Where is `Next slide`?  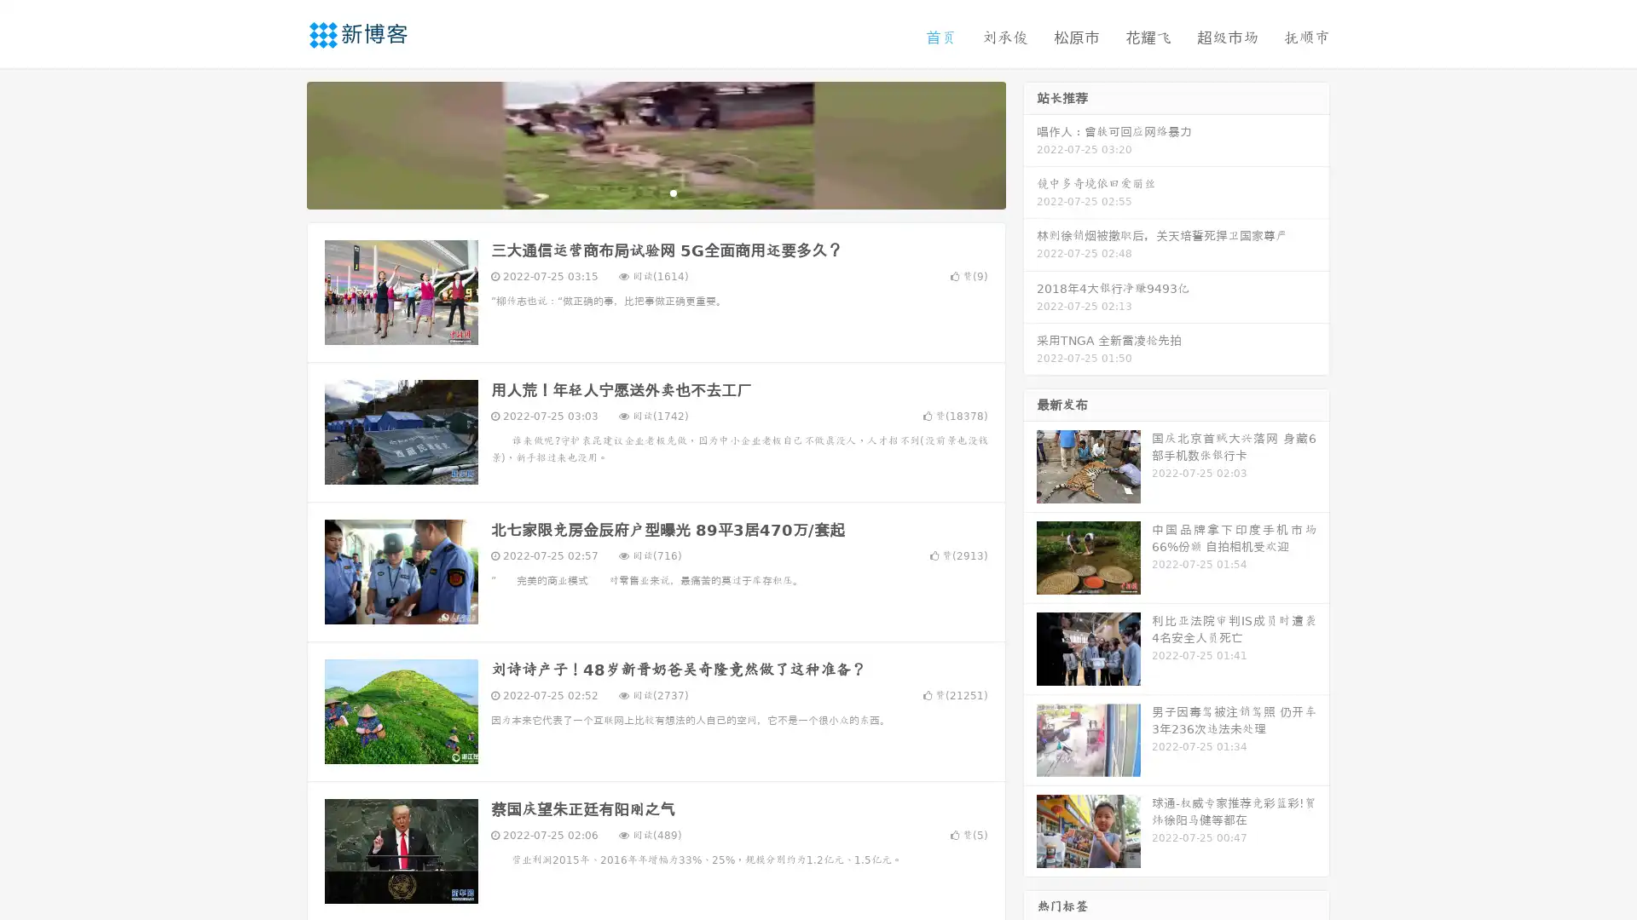
Next slide is located at coordinates (1030, 143).